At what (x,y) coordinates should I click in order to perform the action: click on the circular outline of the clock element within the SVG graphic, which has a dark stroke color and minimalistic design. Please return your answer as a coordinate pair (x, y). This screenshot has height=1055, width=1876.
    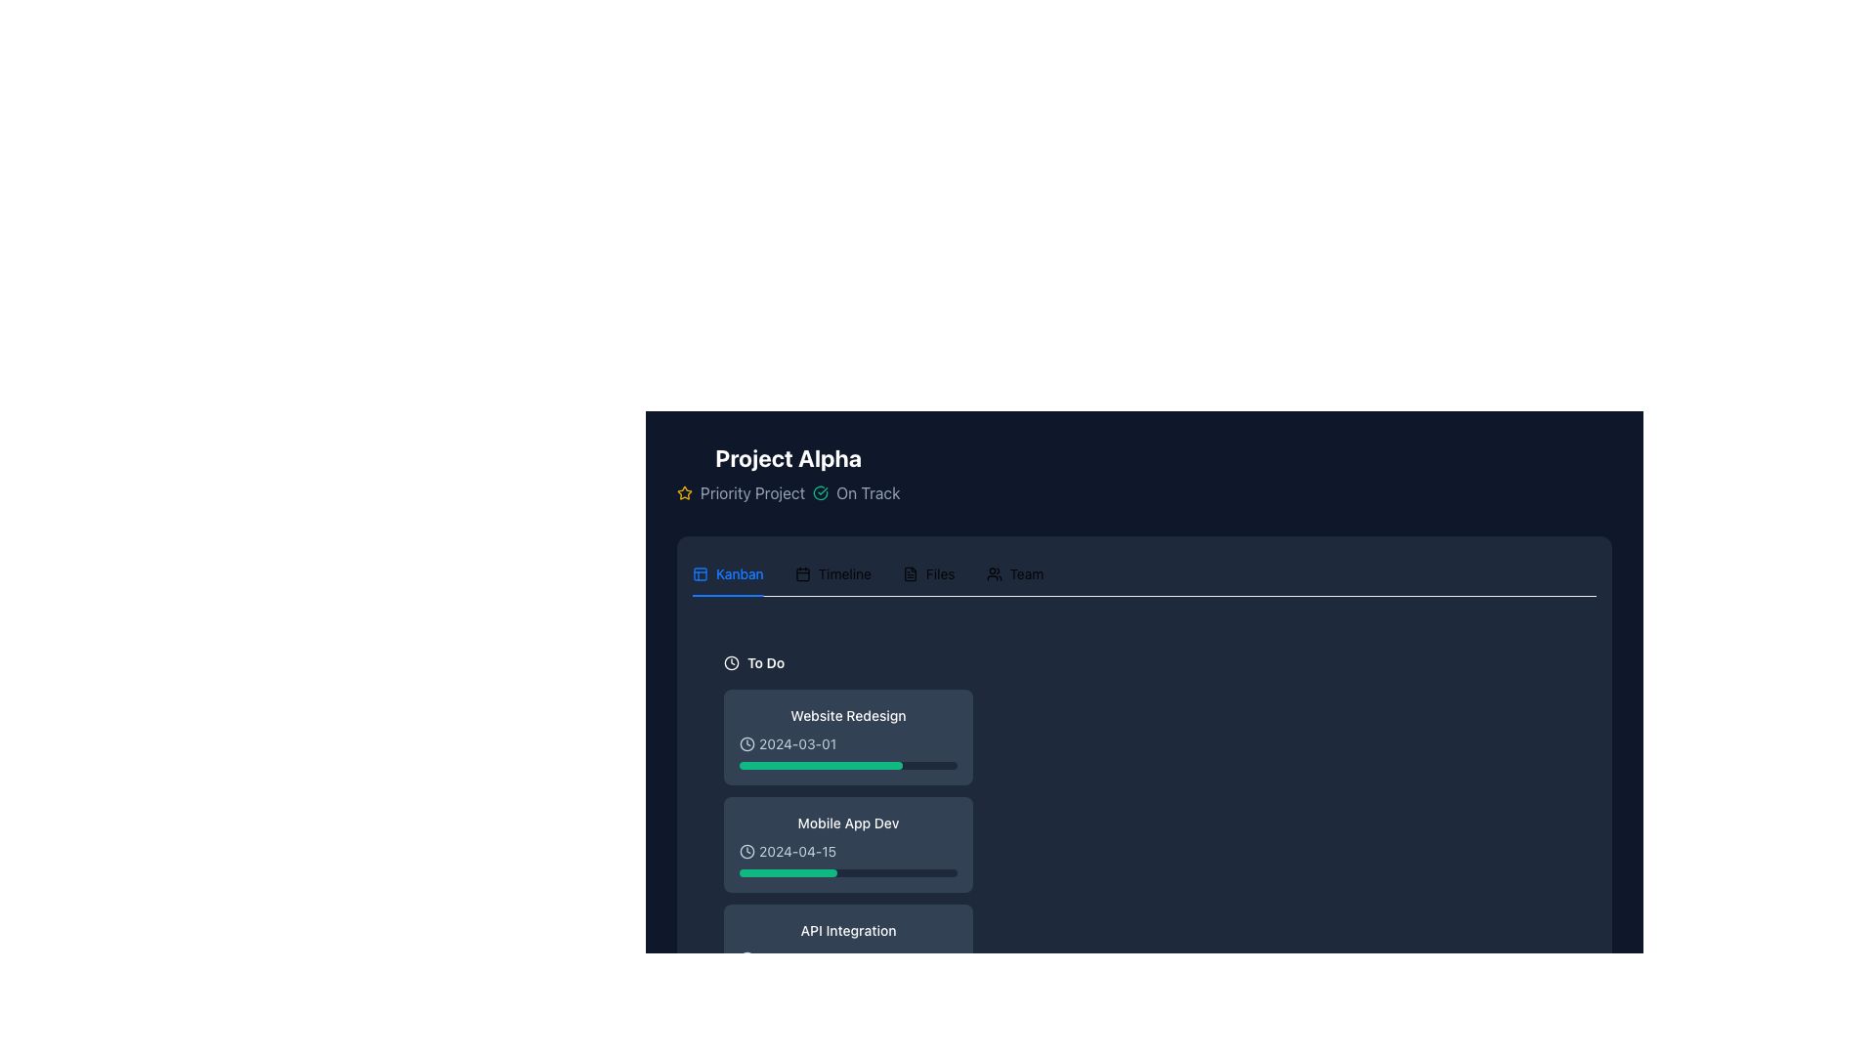
    Looking at the image, I should click on (730, 661).